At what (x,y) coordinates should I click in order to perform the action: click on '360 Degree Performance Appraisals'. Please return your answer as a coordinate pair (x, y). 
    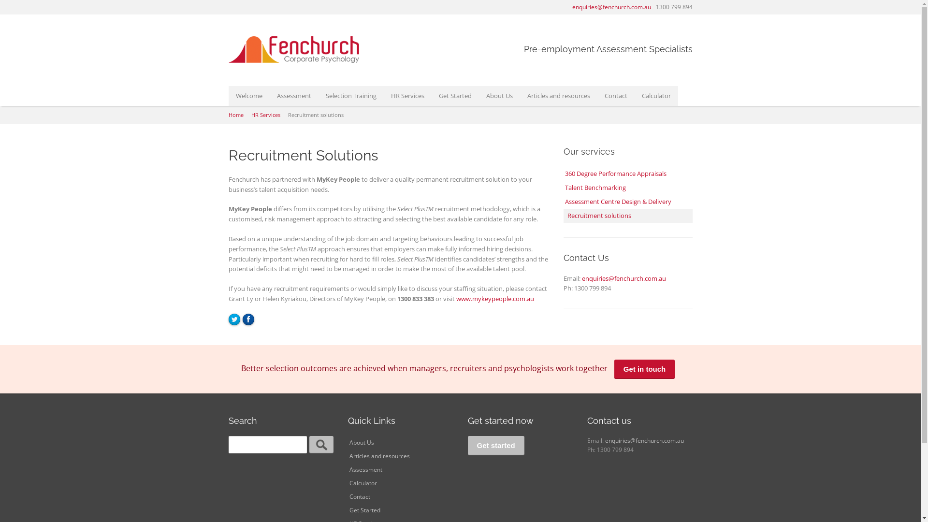
    Looking at the image, I should click on (628, 173).